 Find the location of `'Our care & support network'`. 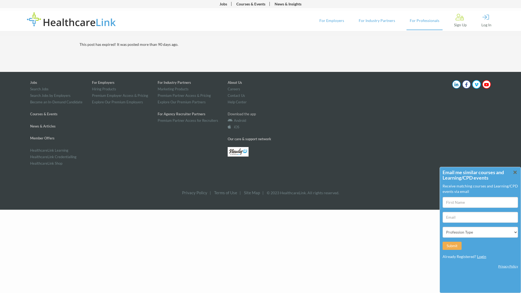

'Our care & support network' is located at coordinates (249, 139).